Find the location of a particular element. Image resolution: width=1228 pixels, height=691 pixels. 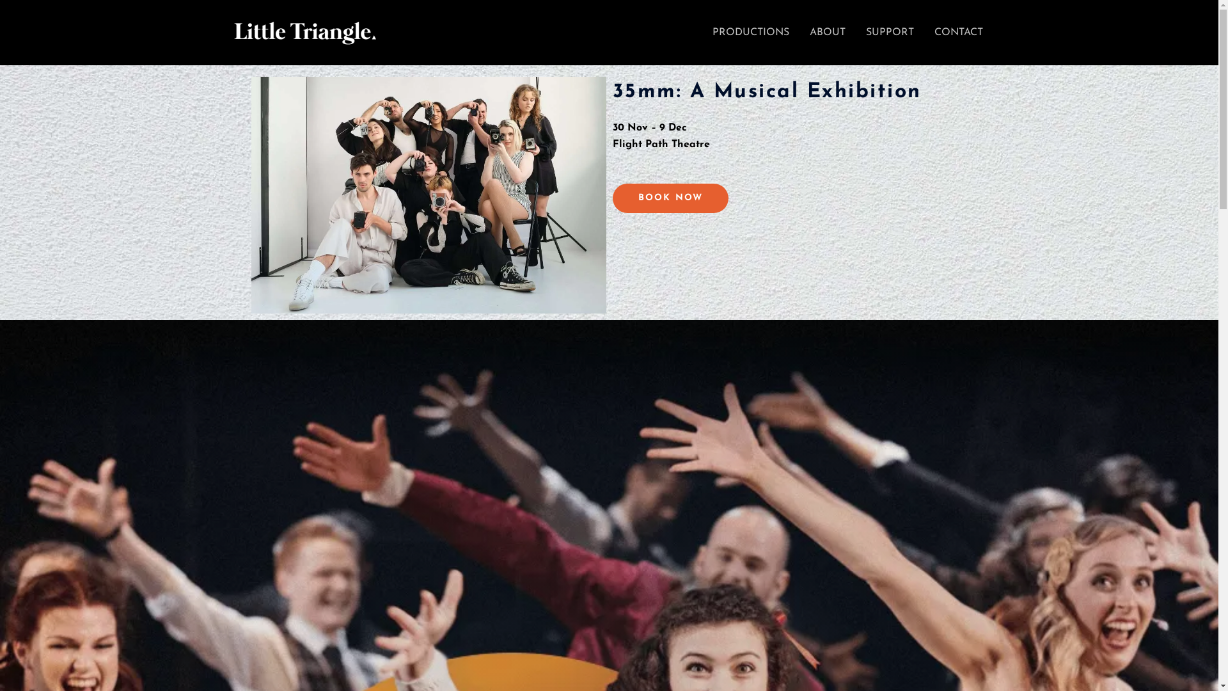

'BOOK NOW' is located at coordinates (612, 198).